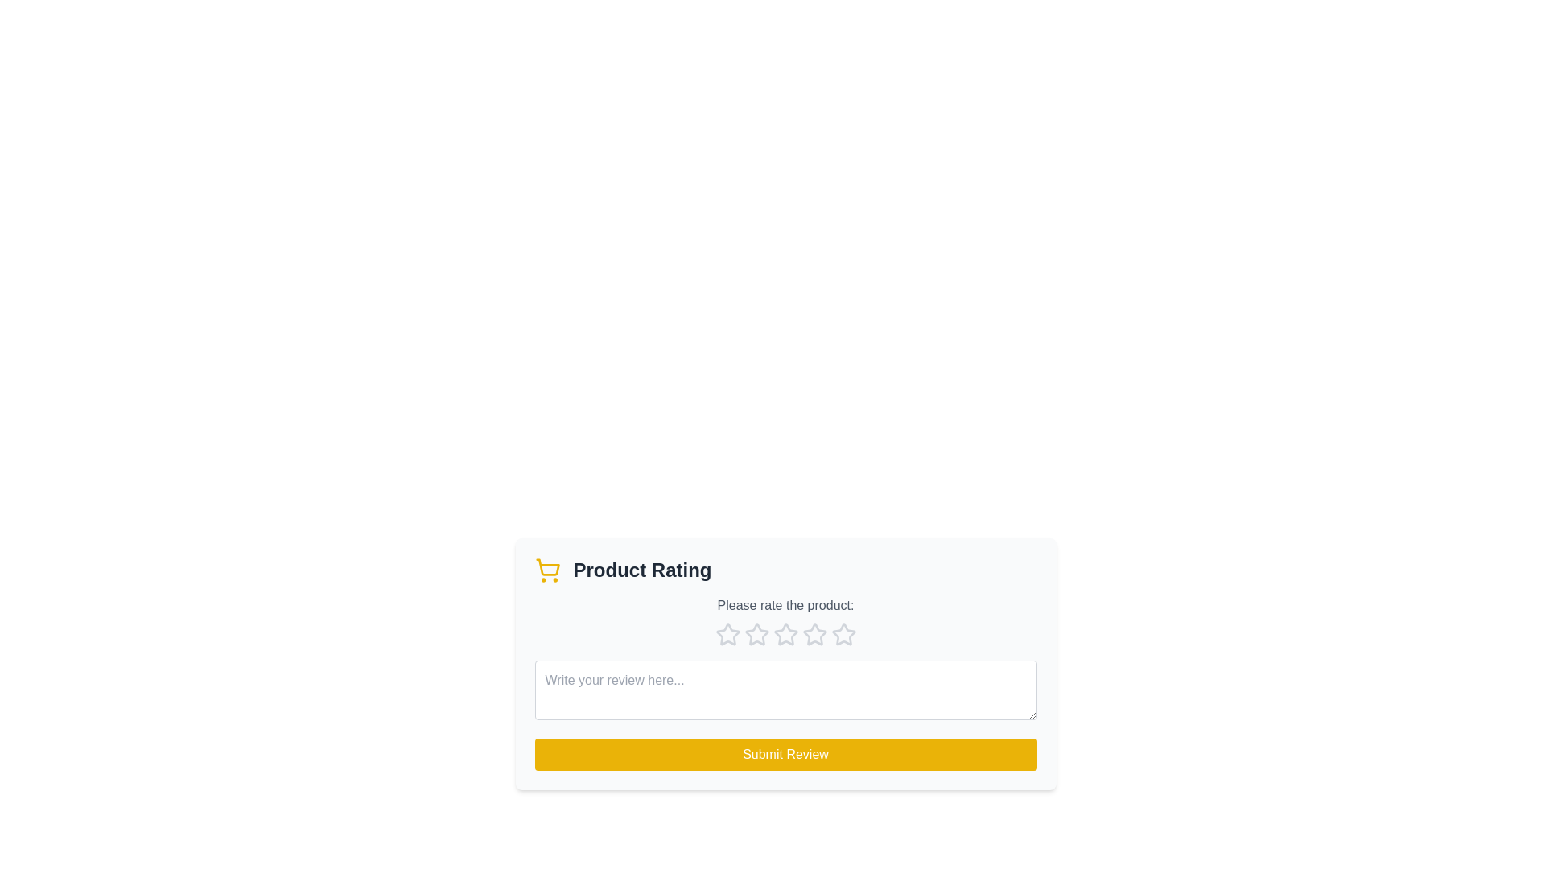  I want to click on the third hollow star icon outlined in gray for rating in the 'Product Rating' module, so click(756, 634).